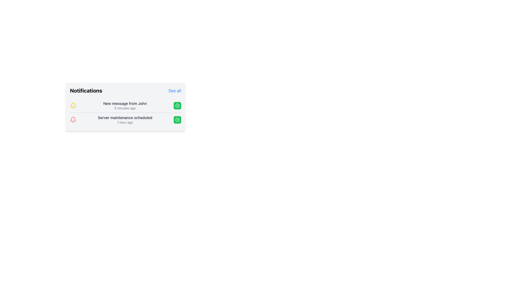  I want to click on the icon representing the notification about server maintenance, located to the left of the 'Server maintenance scheduled' notification text, so click(73, 119).